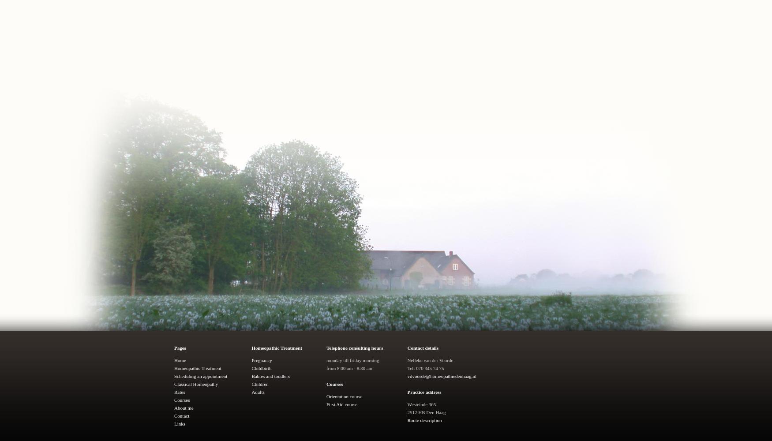  I want to click on 'Tel: 070 345 74 75', so click(406, 368).